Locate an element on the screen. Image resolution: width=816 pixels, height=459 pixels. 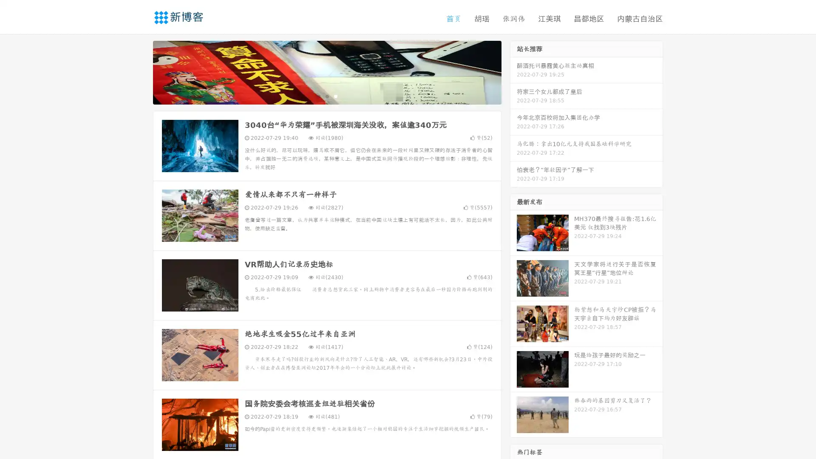
Previous slide is located at coordinates (140, 71).